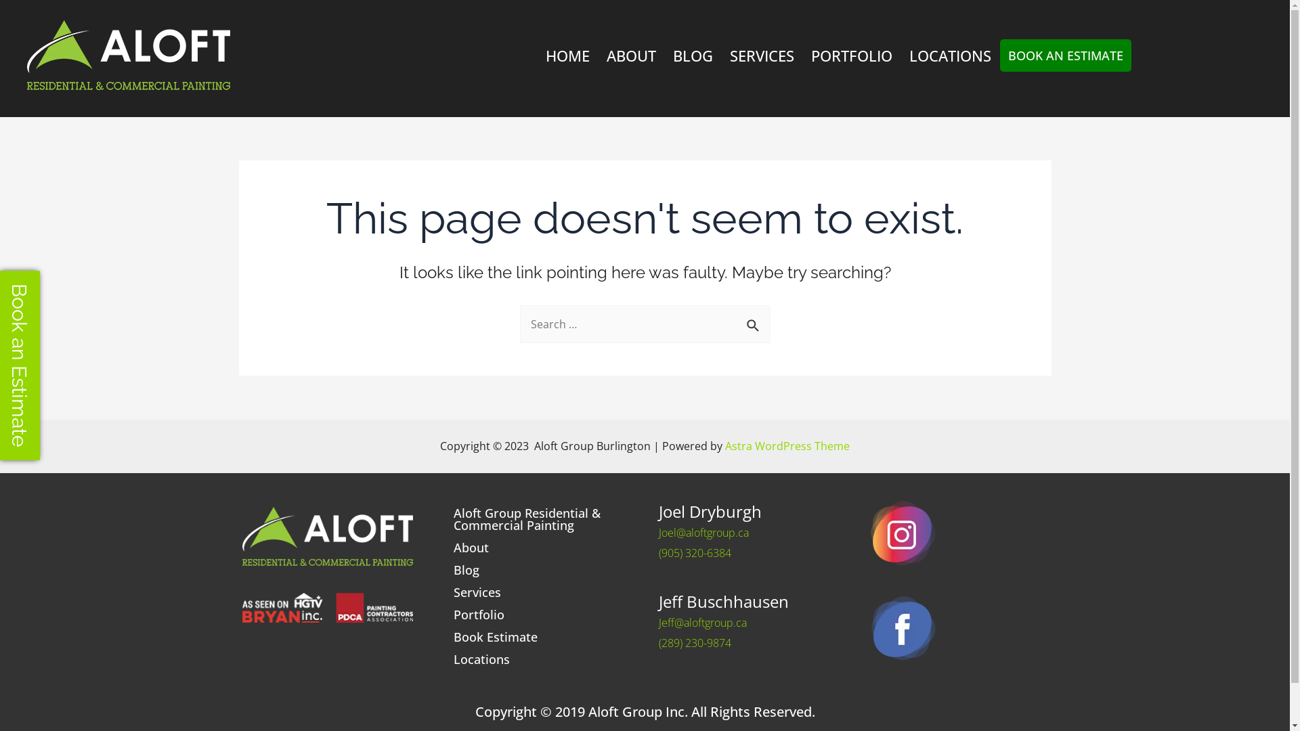 This screenshot has width=1300, height=731. Describe the element at coordinates (242, 535) in the screenshot. I see `'aloft_hor_withtaglinegreen_rev_2col_300px'` at that location.